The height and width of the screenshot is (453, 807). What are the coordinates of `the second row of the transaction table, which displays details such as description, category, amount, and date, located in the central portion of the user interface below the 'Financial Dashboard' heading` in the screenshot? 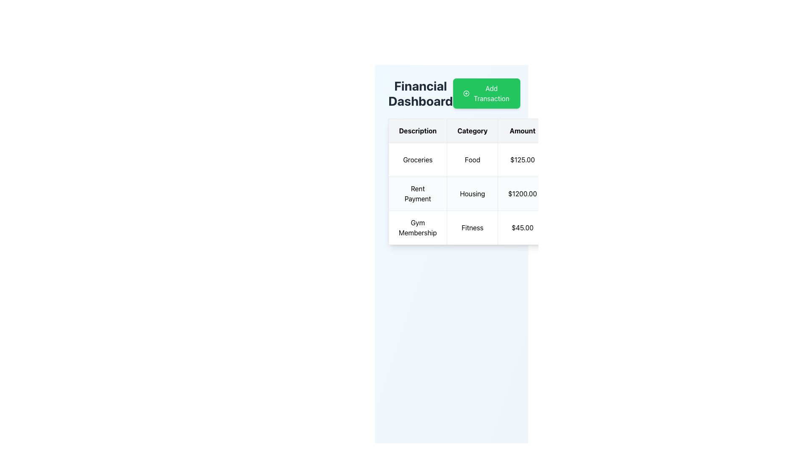 It's located at (514, 194).